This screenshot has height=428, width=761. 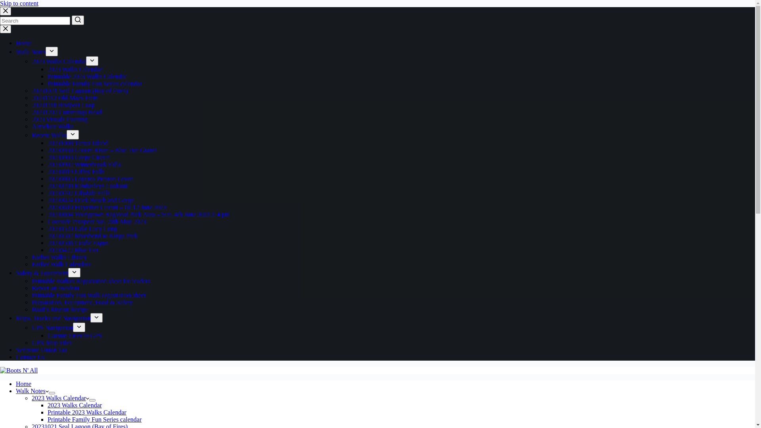 What do you see at coordinates (94, 83) in the screenshot?
I see `'Printable Family Fun Series calendar'` at bounding box center [94, 83].